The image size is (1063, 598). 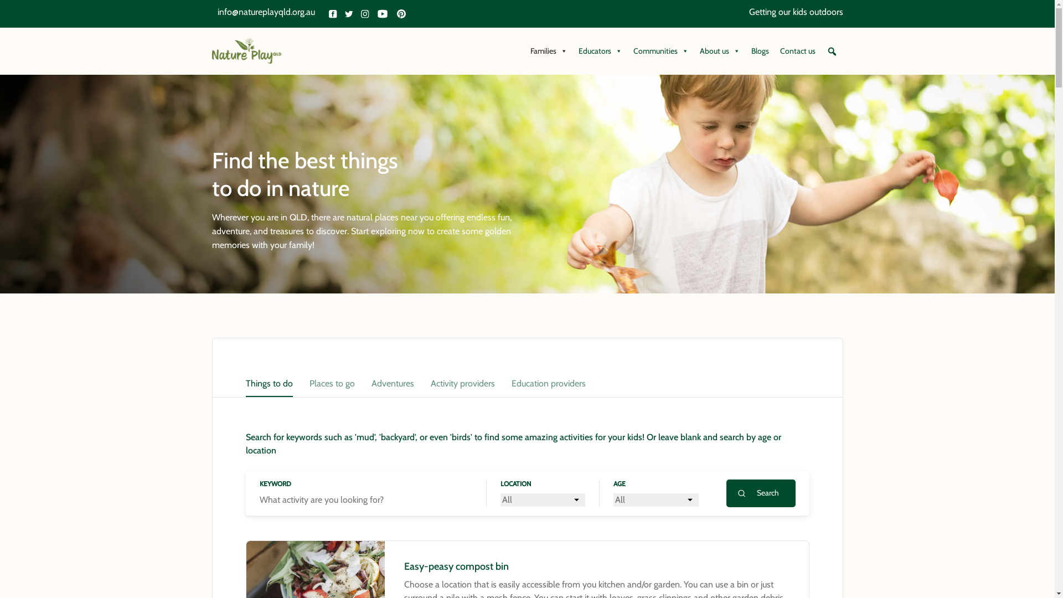 I want to click on 'Educators', so click(x=599, y=51).